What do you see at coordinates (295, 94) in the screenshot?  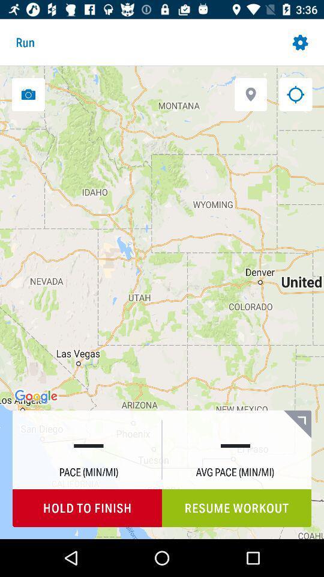 I see `this is a map` at bounding box center [295, 94].